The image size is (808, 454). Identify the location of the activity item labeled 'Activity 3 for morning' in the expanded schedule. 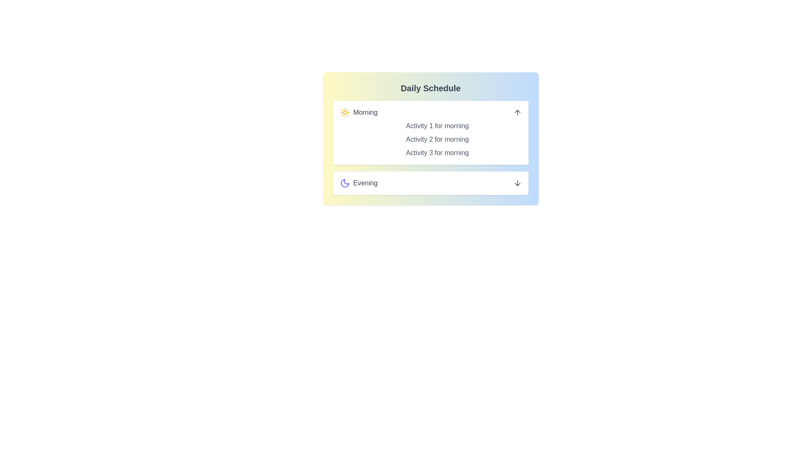
(437, 153).